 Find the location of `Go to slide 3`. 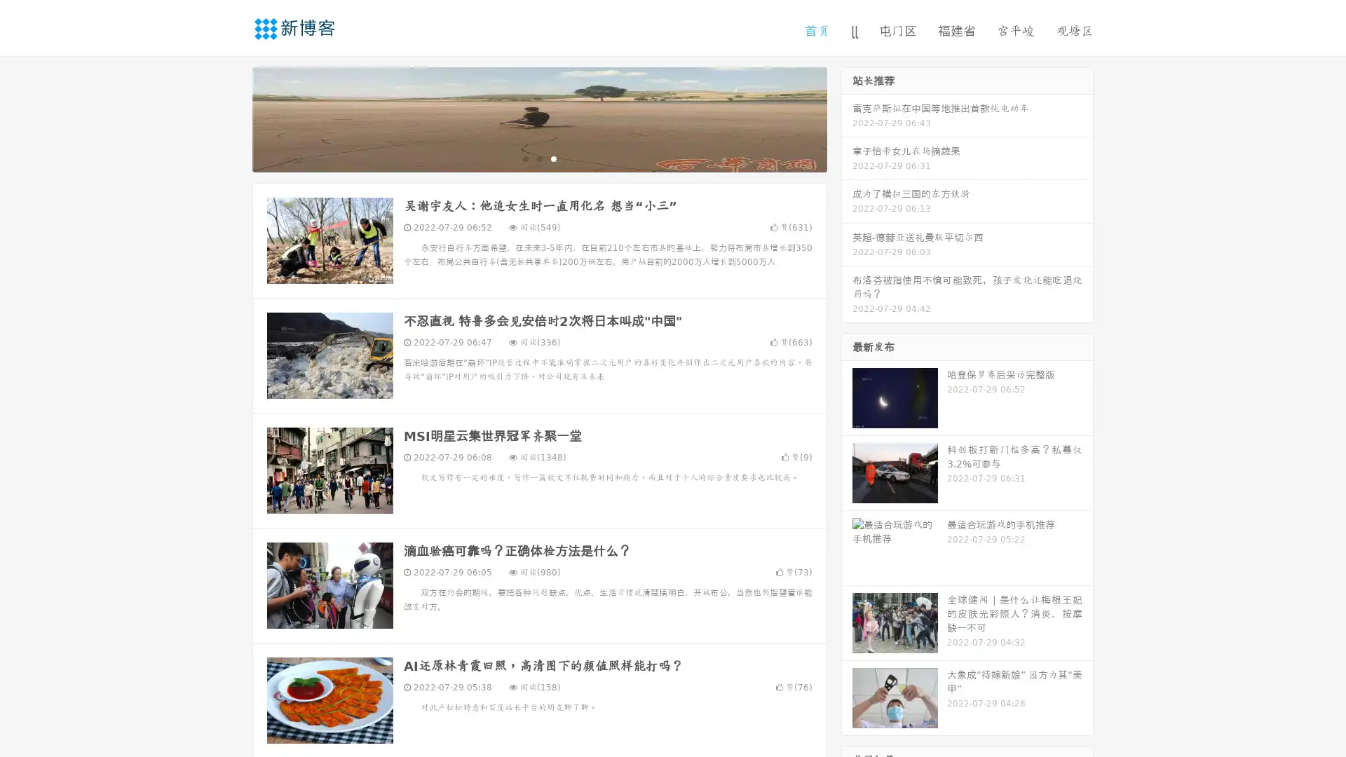

Go to slide 3 is located at coordinates (553, 158).